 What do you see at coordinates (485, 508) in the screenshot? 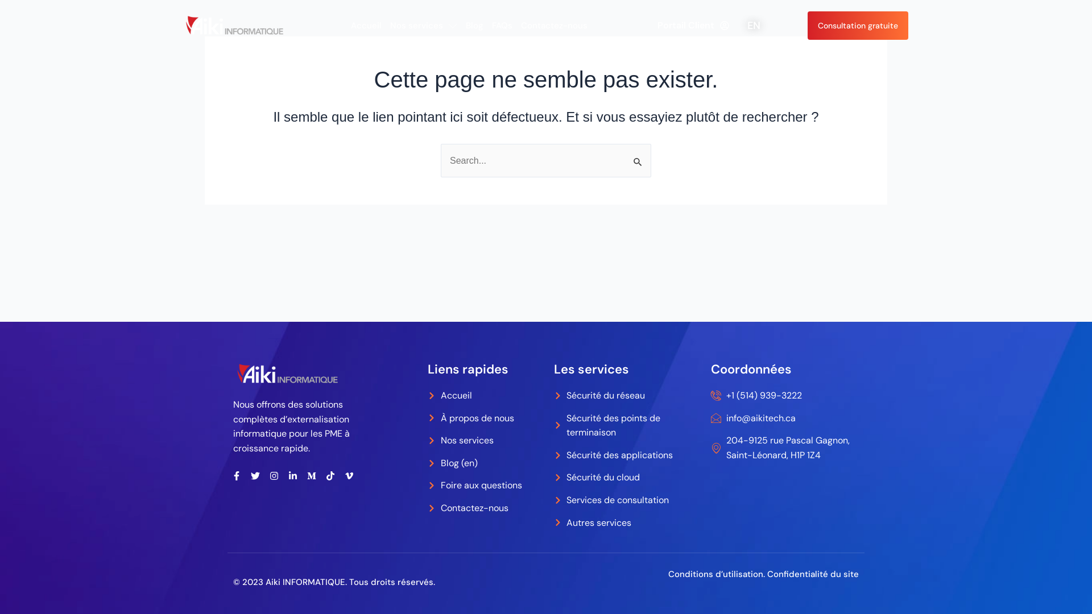
I see `'Contactez-nous'` at bounding box center [485, 508].